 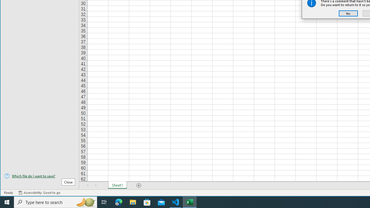 I want to click on 'Microsoft Store', so click(x=147, y=202).